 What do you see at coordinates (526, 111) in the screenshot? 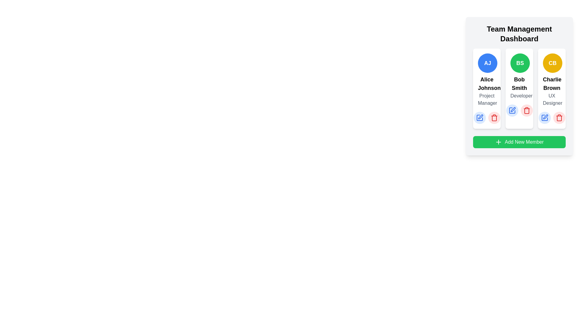
I see `the trash can icon button located in the lower-right corner of Bob Smith's Developer card` at bounding box center [526, 111].